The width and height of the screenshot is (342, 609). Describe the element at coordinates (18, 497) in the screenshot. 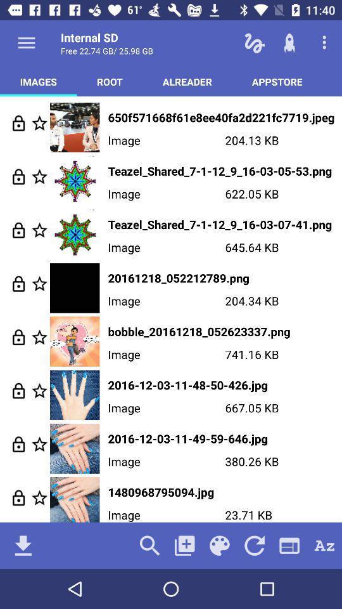

I see `locked image` at that location.